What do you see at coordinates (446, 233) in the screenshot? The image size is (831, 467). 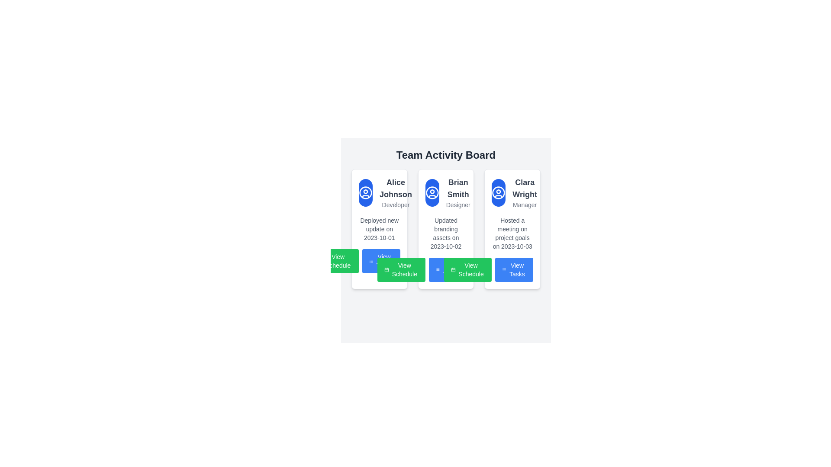 I see `the informational static text element located beneath the user's role description in the 'Brian Smith - Designer' card` at bounding box center [446, 233].